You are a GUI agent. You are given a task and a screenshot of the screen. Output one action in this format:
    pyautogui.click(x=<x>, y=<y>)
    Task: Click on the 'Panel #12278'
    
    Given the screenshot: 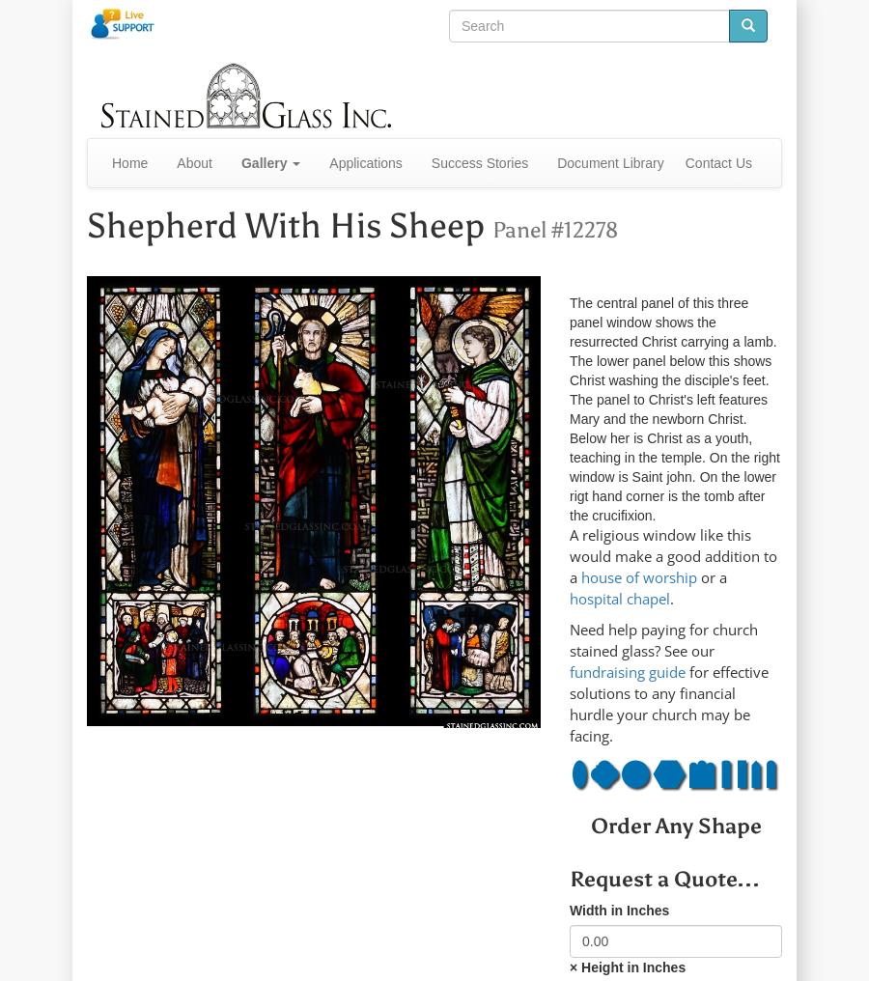 What is the action you would take?
    pyautogui.click(x=555, y=229)
    